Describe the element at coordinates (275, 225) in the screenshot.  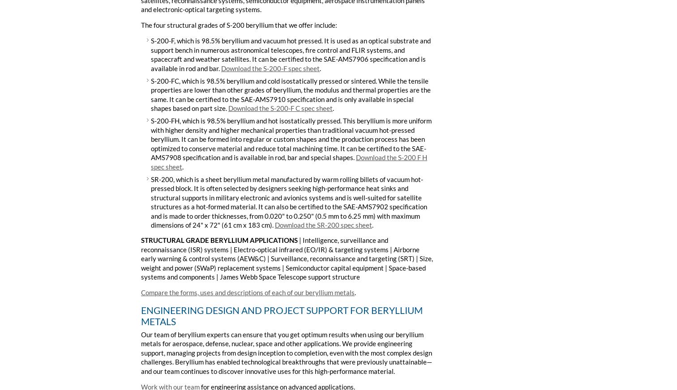
I see `'Download the SR-200 spec sheet'` at that location.